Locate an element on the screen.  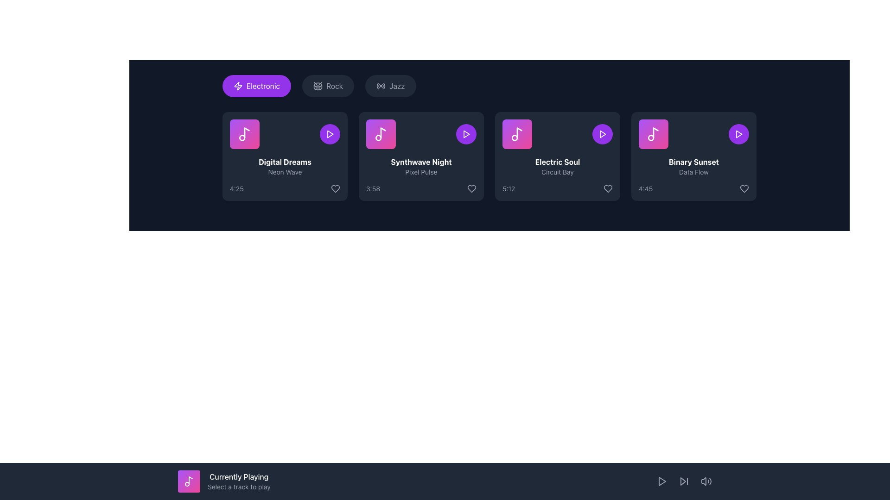
the volume control button located at the far right of the bottom control bar to observe the interactive effect is located at coordinates (706, 481).